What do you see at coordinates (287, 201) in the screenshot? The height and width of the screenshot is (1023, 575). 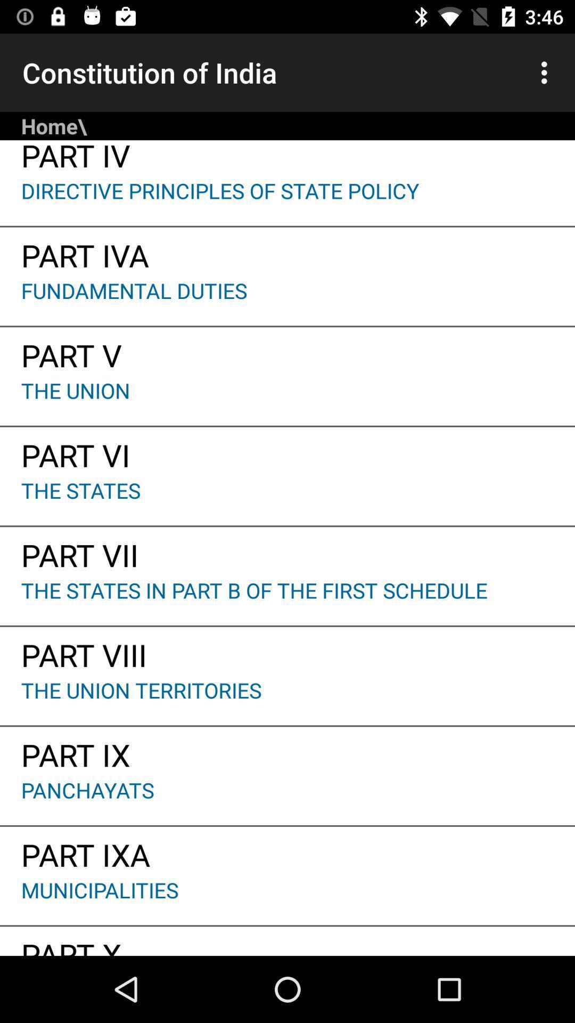 I see `app above part iva app` at bounding box center [287, 201].